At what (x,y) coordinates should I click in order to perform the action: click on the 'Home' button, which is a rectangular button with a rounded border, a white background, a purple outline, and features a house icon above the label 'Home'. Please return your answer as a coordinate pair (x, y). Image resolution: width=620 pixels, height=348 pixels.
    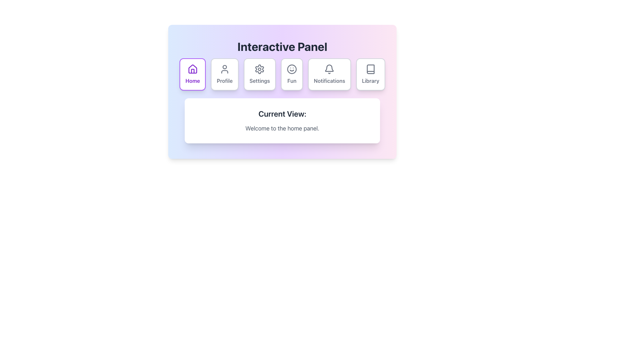
    Looking at the image, I should click on (192, 74).